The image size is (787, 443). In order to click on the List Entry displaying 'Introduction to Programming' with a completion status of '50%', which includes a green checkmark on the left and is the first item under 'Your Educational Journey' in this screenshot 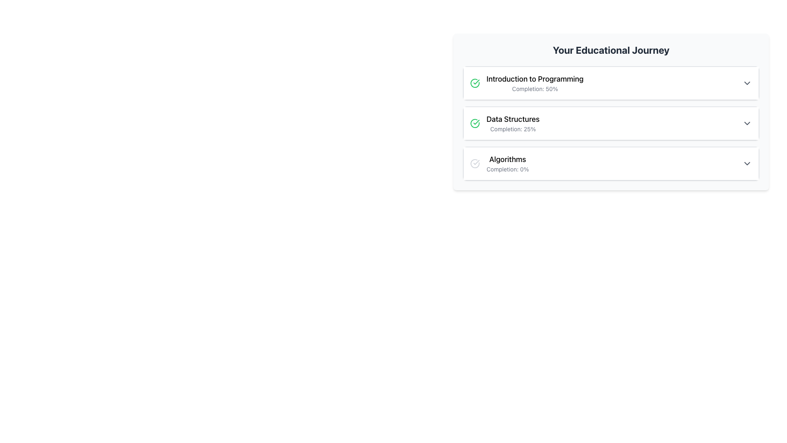, I will do `click(527, 83)`.